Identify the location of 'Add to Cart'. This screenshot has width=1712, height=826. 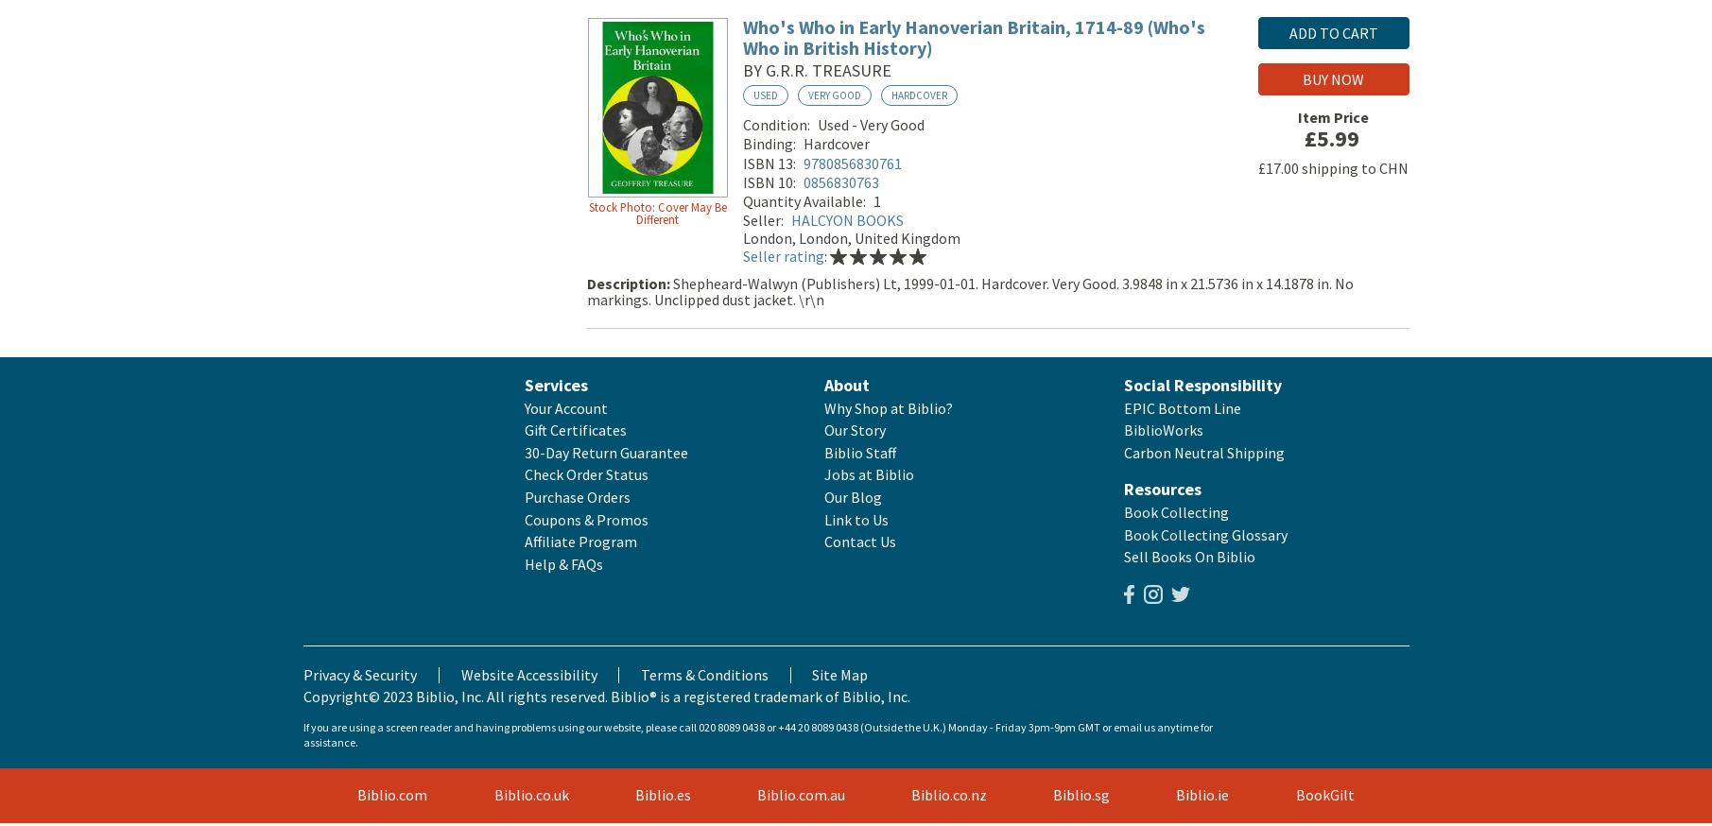
(1333, 35).